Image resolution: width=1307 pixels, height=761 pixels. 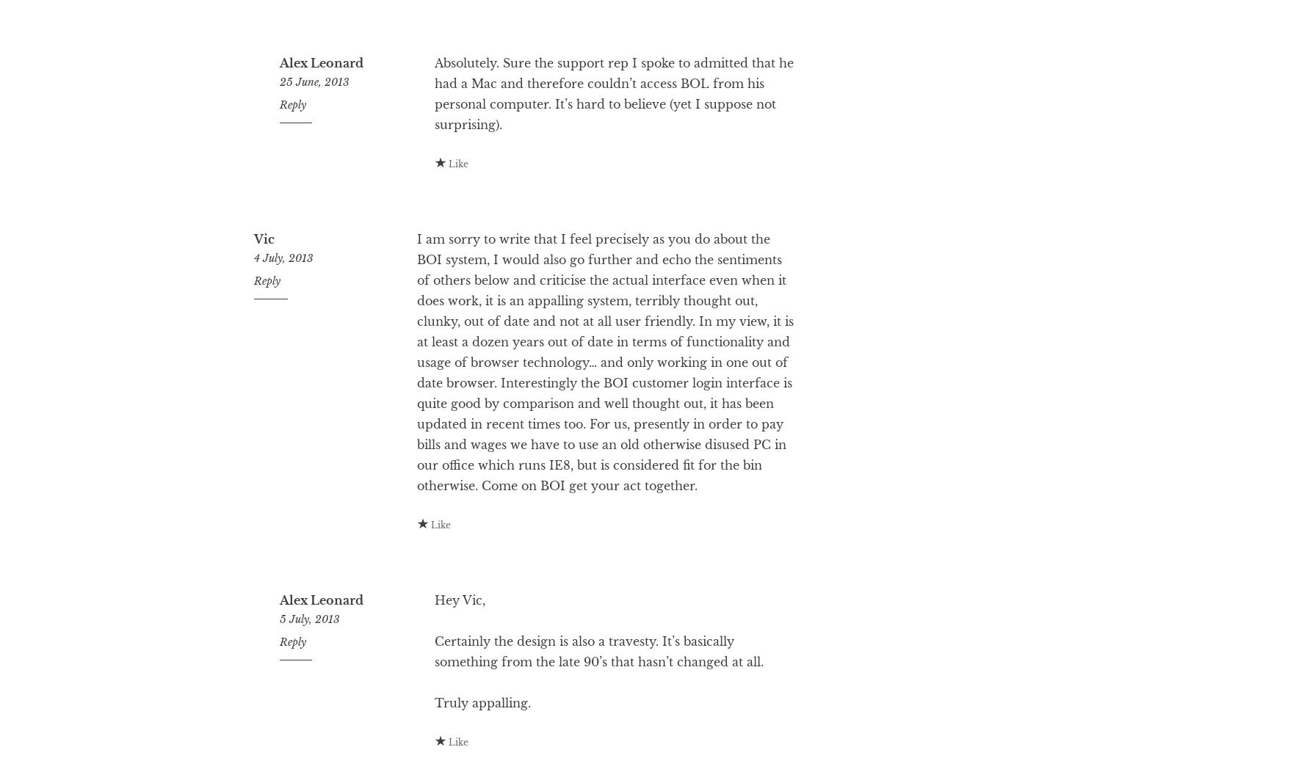 I want to click on 'Absolutely. Sure the support rep I spoke to admitted that he had a Mac and therefore couldn’t access BOL from his personal computer. It’s hard to believe (yet I suppose not surprising).', so click(x=434, y=152).